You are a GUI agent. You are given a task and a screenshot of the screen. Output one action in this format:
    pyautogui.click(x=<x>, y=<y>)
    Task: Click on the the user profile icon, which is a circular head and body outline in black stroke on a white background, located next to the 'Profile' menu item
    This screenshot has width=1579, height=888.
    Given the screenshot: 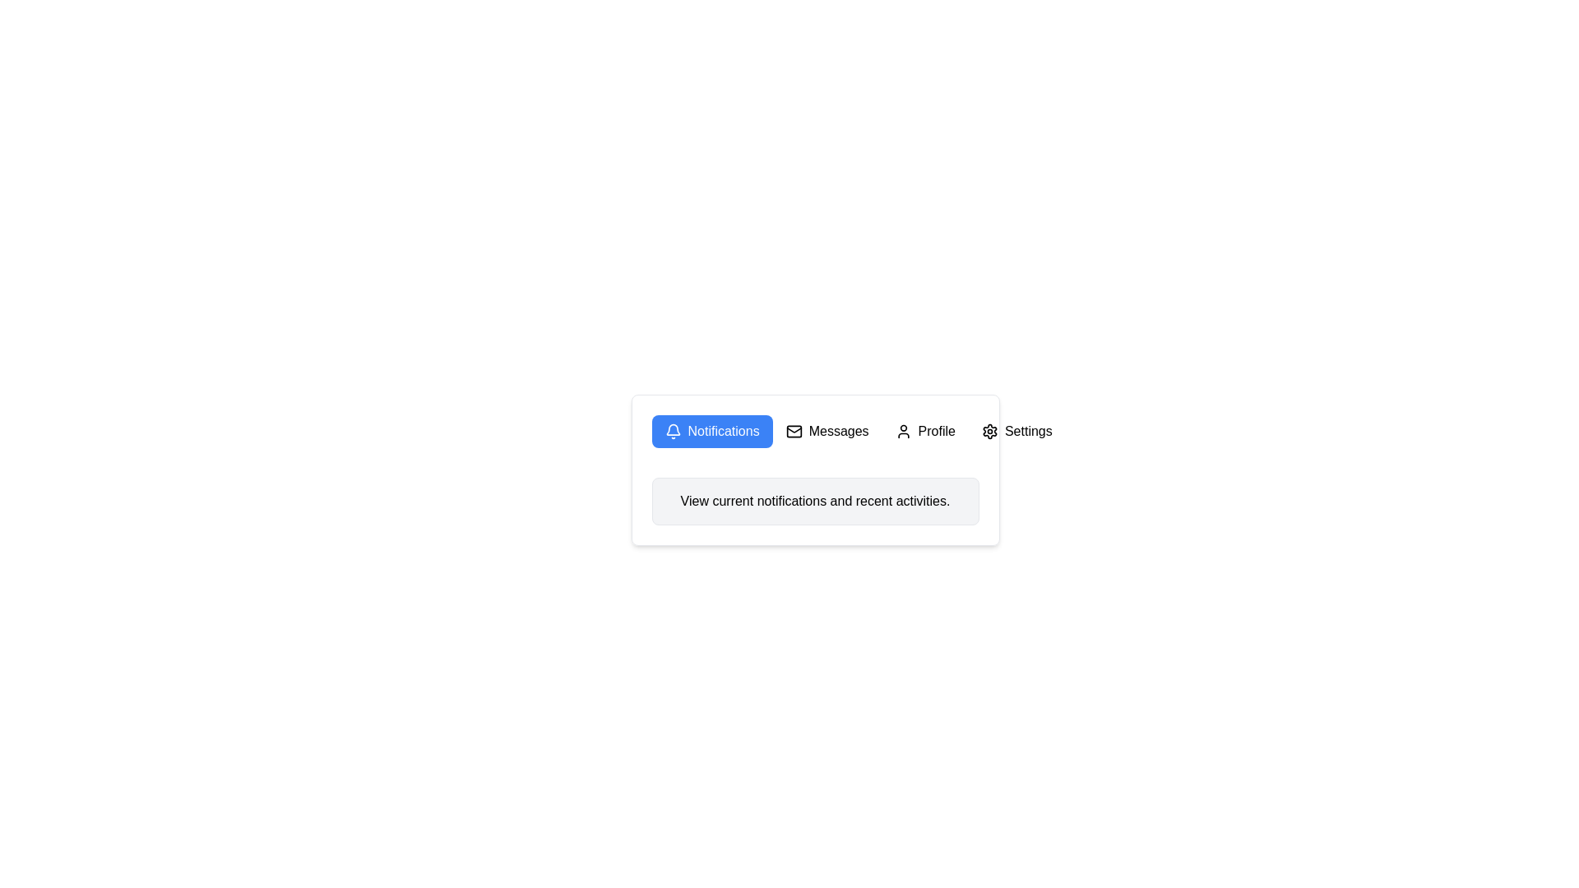 What is the action you would take?
    pyautogui.click(x=902, y=430)
    